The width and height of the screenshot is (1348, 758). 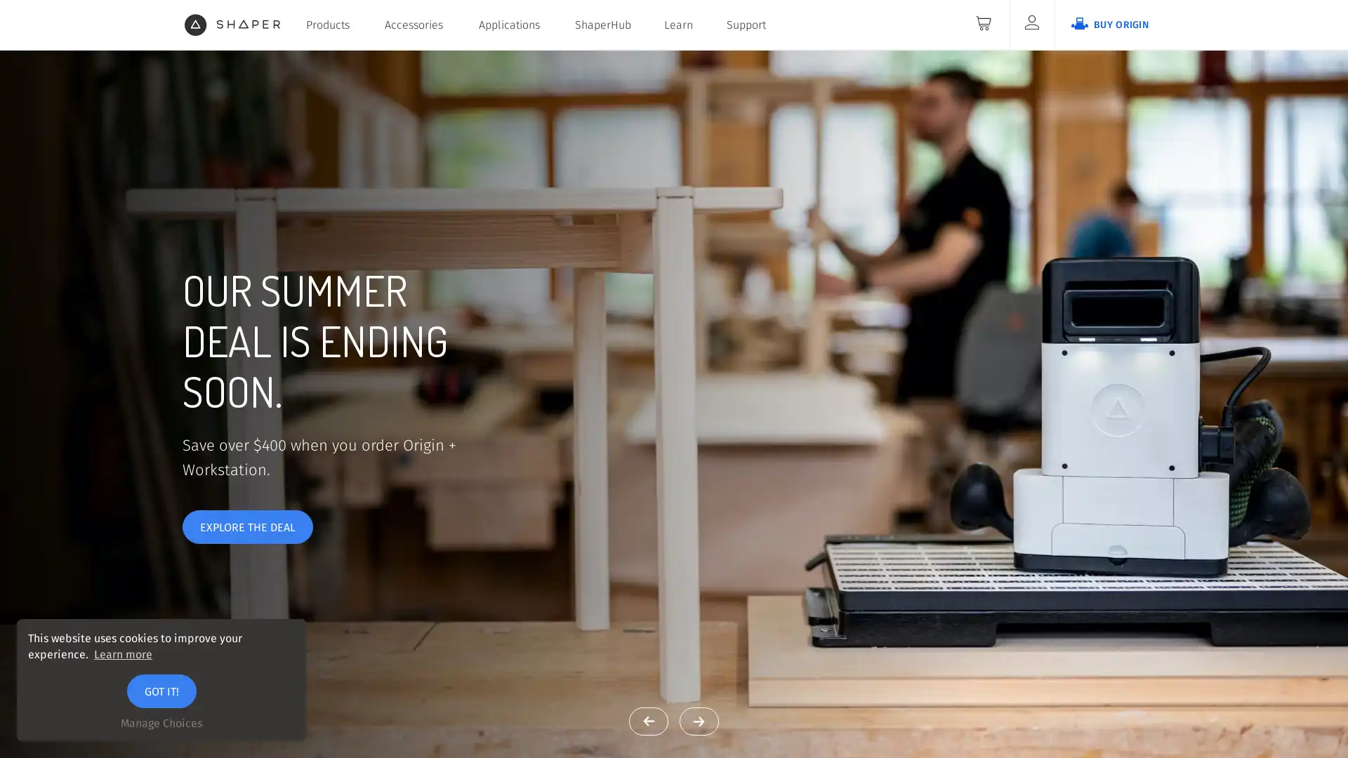 What do you see at coordinates (161, 723) in the screenshot?
I see `Manage Choices` at bounding box center [161, 723].